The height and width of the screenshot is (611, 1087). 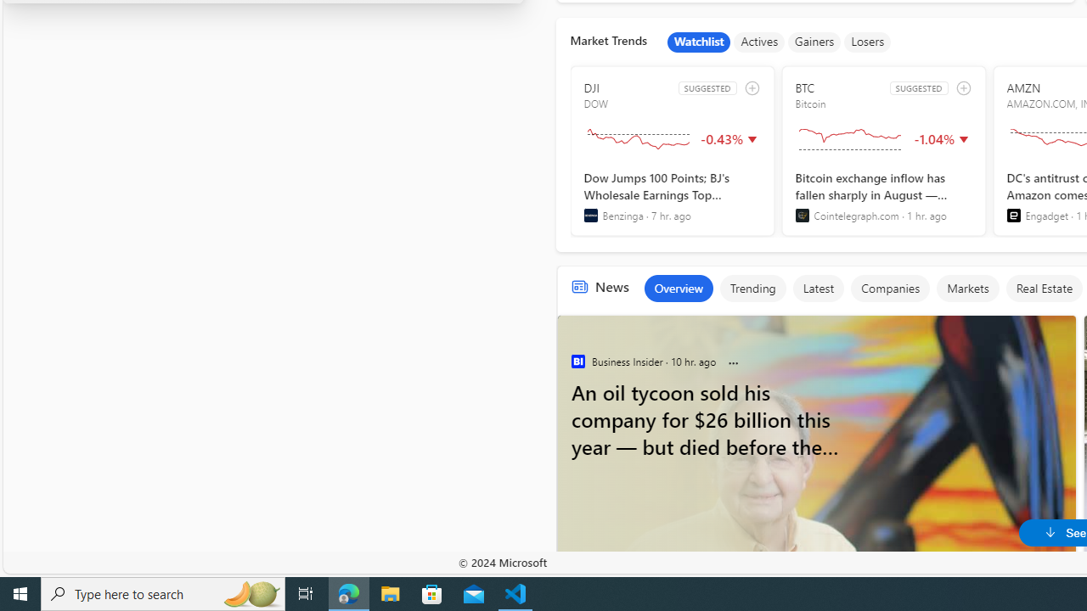 I want to click on 'Business Insider', so click(x=577, y=361).